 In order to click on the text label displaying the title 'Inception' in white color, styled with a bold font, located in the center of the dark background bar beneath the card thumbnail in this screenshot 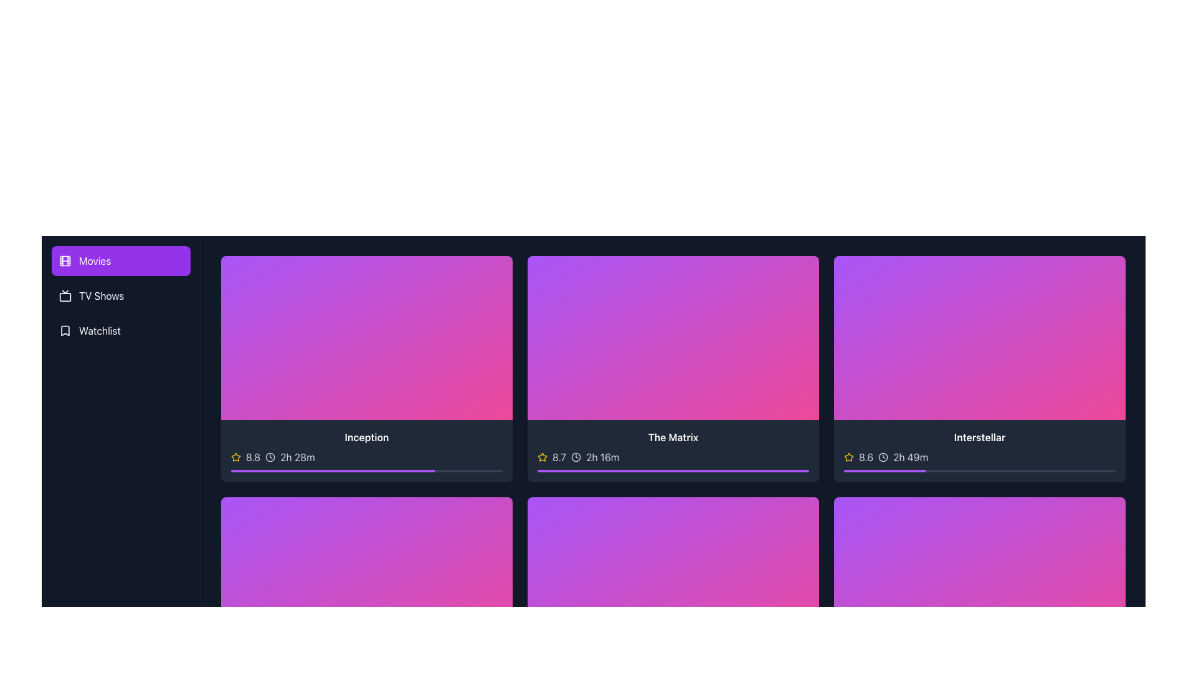, I will do `click(366, 437)`.